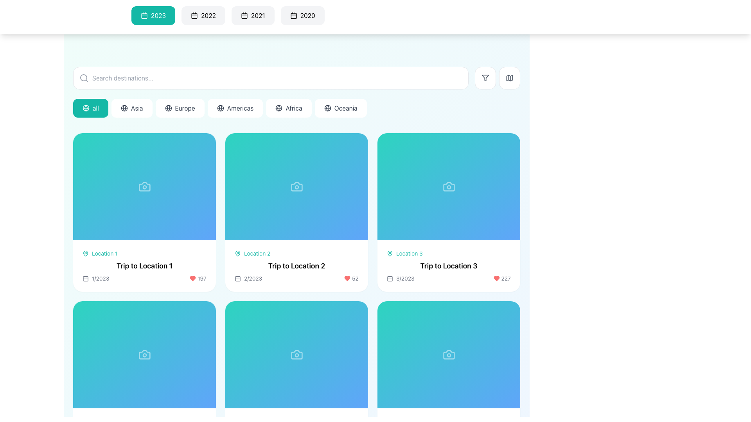 The height and width of the screenshot is (422, 751). What do you see at coordinates (203, 146) in the screenshot?
I see `the share button located in the top-right quadrant of the first card` at bounding box center [203, 146].